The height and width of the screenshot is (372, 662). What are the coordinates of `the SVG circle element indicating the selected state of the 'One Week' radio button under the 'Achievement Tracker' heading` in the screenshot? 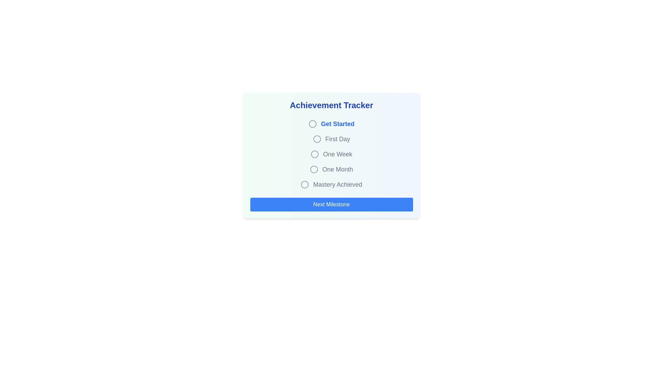 It's located at (314, 154).